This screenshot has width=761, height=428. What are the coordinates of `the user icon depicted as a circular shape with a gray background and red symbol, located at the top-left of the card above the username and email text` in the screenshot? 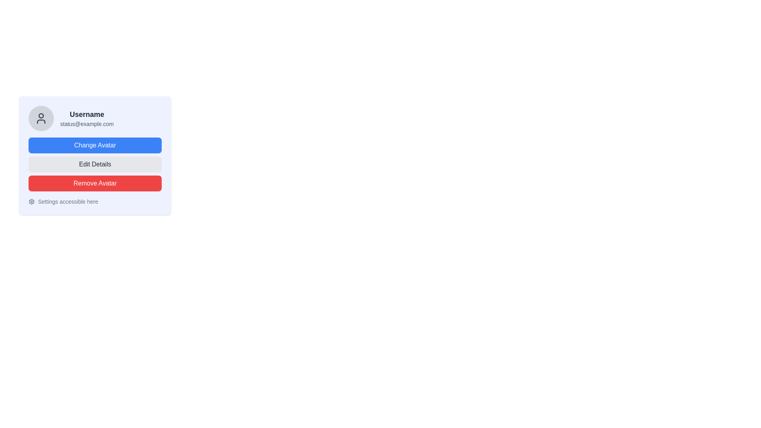 It's located at (41, 116).